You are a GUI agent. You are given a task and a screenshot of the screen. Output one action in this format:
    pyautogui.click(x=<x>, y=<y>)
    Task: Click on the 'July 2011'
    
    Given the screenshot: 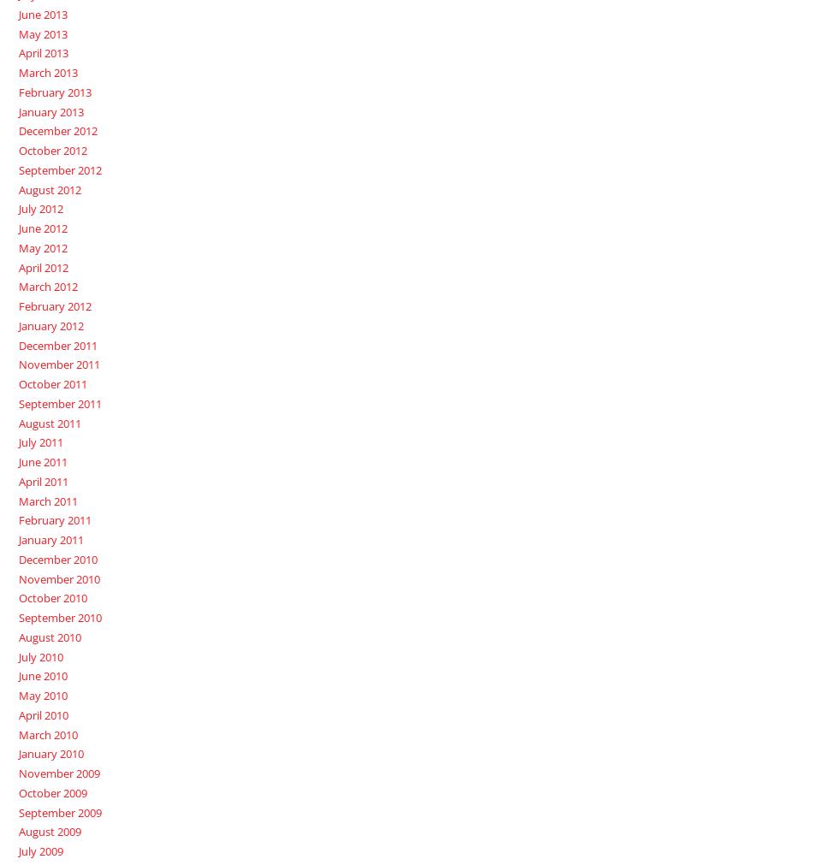 What is the action you would take?
    pyautogui.click(x=40, y=442)
    